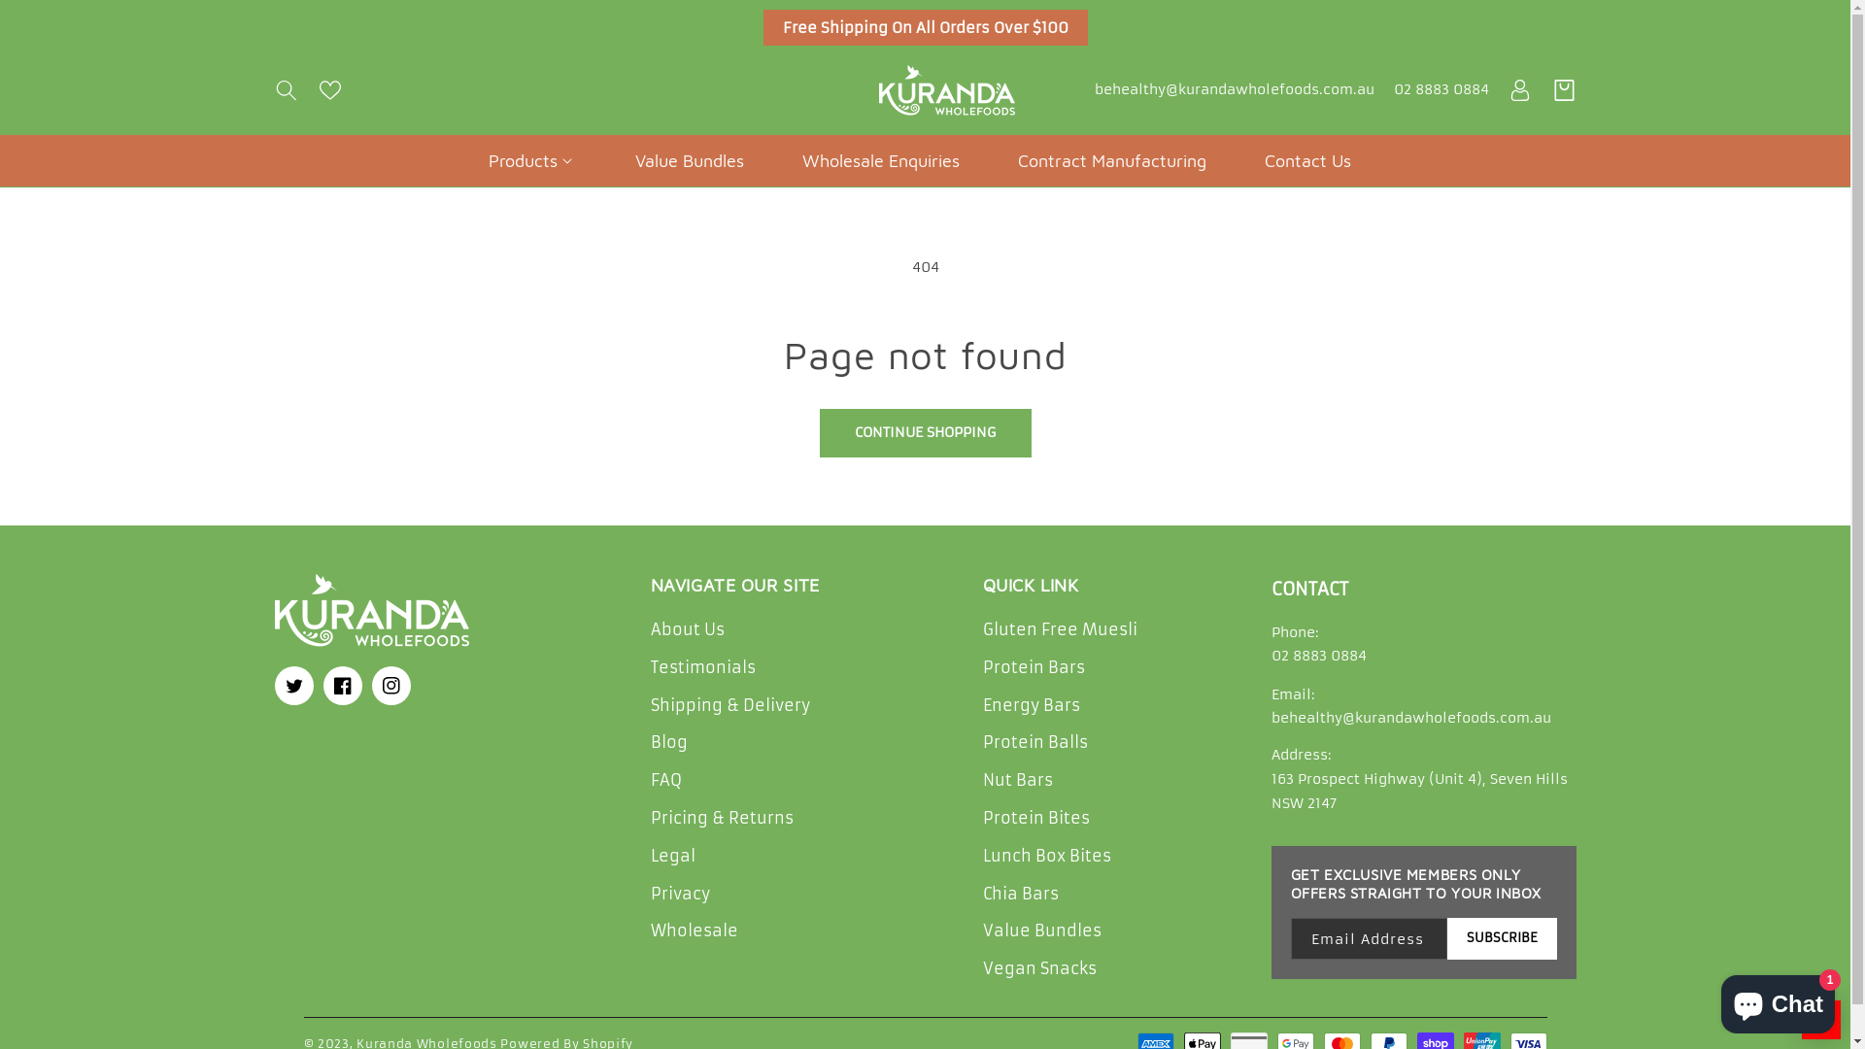 This screenshot has width=1865, height=1049. What do you see at coordinates (1307, 159) in the screenshot?
I see `'Contact Us'` at bounding box center [1307, 159].